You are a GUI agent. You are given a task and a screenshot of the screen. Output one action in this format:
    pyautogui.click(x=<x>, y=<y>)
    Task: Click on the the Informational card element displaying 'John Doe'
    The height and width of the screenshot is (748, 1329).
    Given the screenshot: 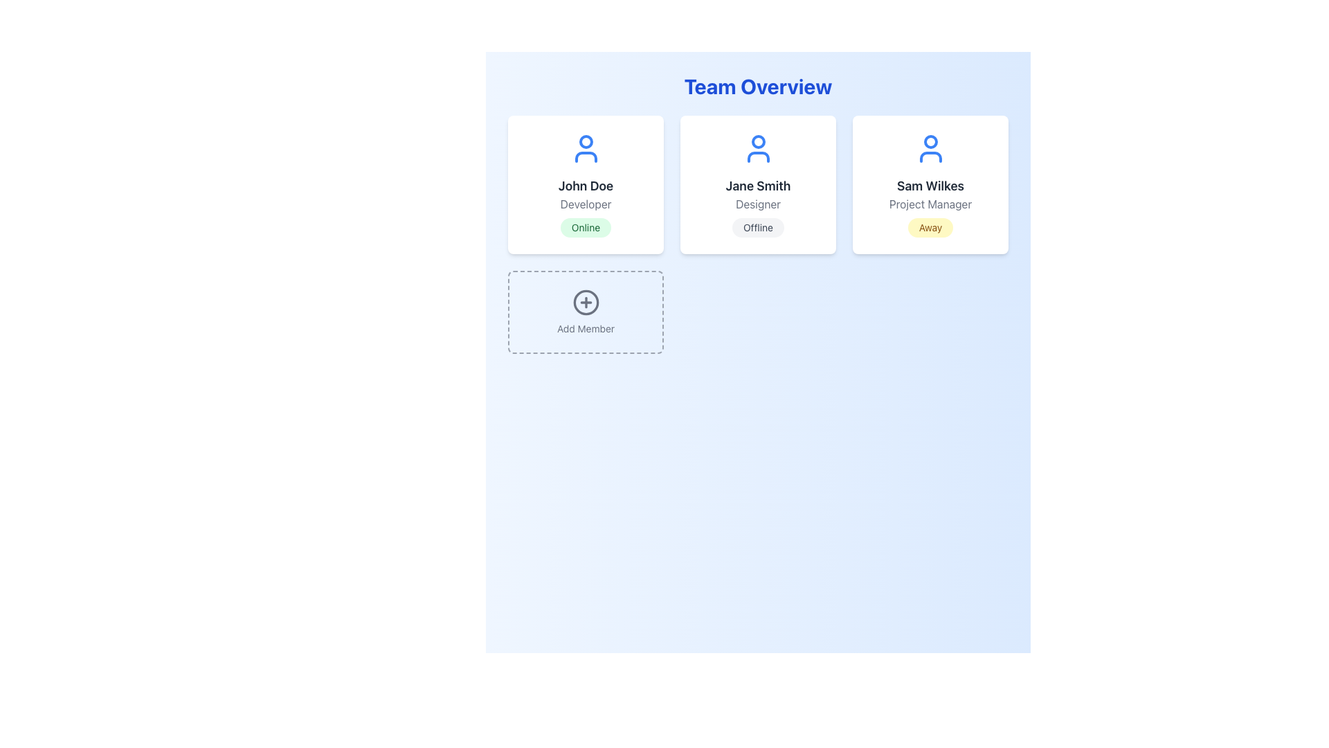 What is the action you would take?
    pyautogui.click(x=586, y=184)
    